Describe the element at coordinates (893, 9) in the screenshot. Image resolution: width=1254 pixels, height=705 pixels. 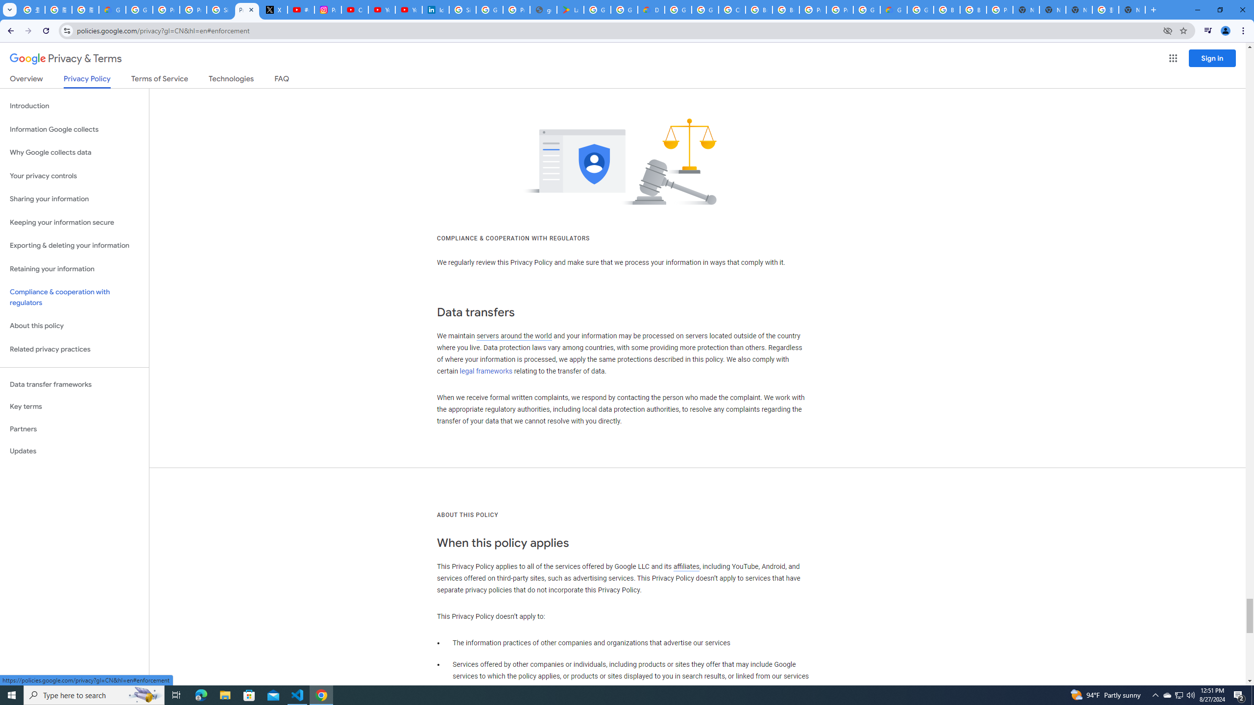
I see `'Google Cloud Estimate Summary'` at that location.